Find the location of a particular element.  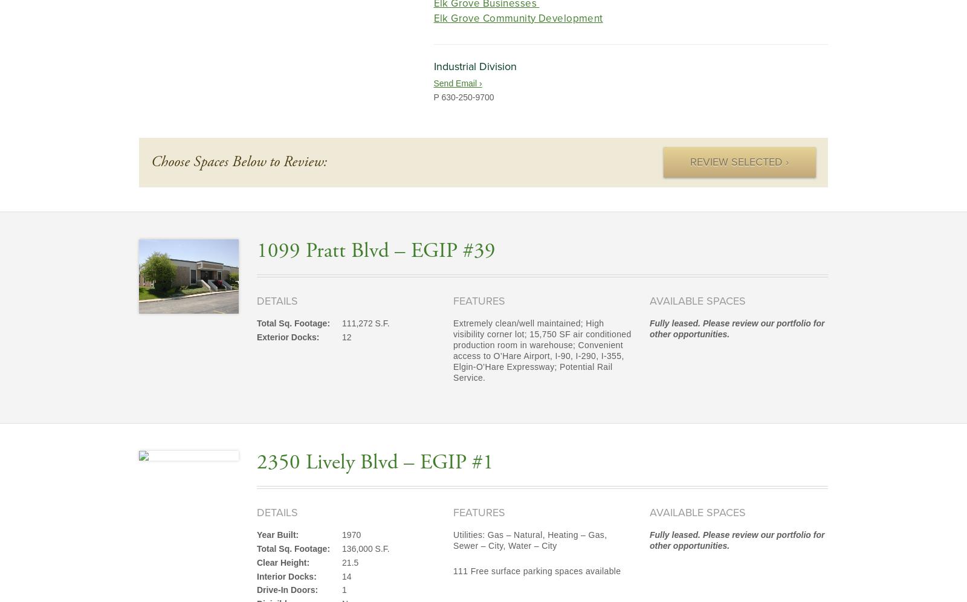

'Industrial Division' is located at coordinates (474, 65).